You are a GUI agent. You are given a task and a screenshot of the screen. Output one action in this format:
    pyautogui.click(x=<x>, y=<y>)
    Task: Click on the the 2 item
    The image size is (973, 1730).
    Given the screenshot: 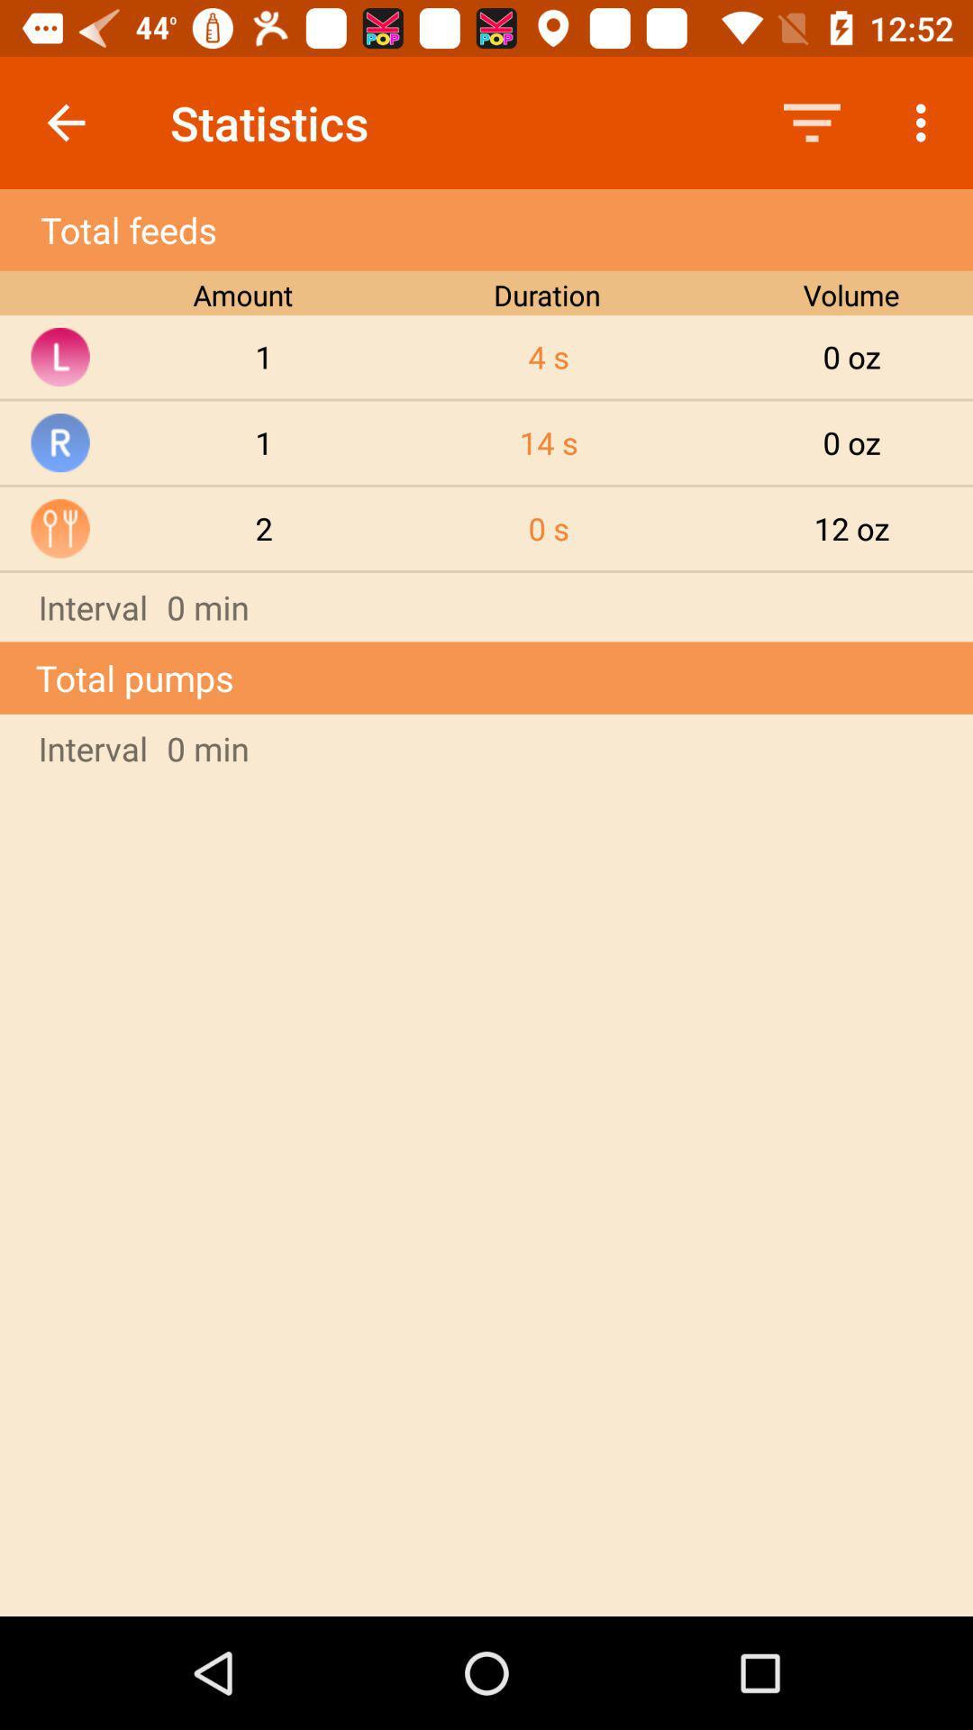 What is the action you would take?
    pyautogui.click(x=264, y=527)
    